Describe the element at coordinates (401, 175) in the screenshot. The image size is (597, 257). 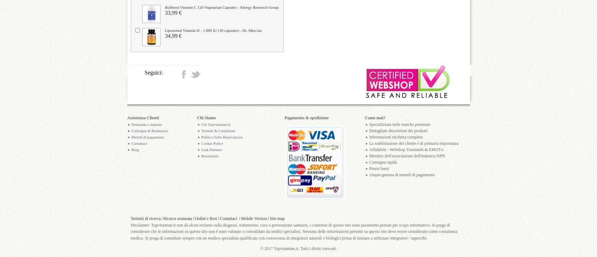
I see `'Ampia gamma di metodi di pagamento'` at that location.